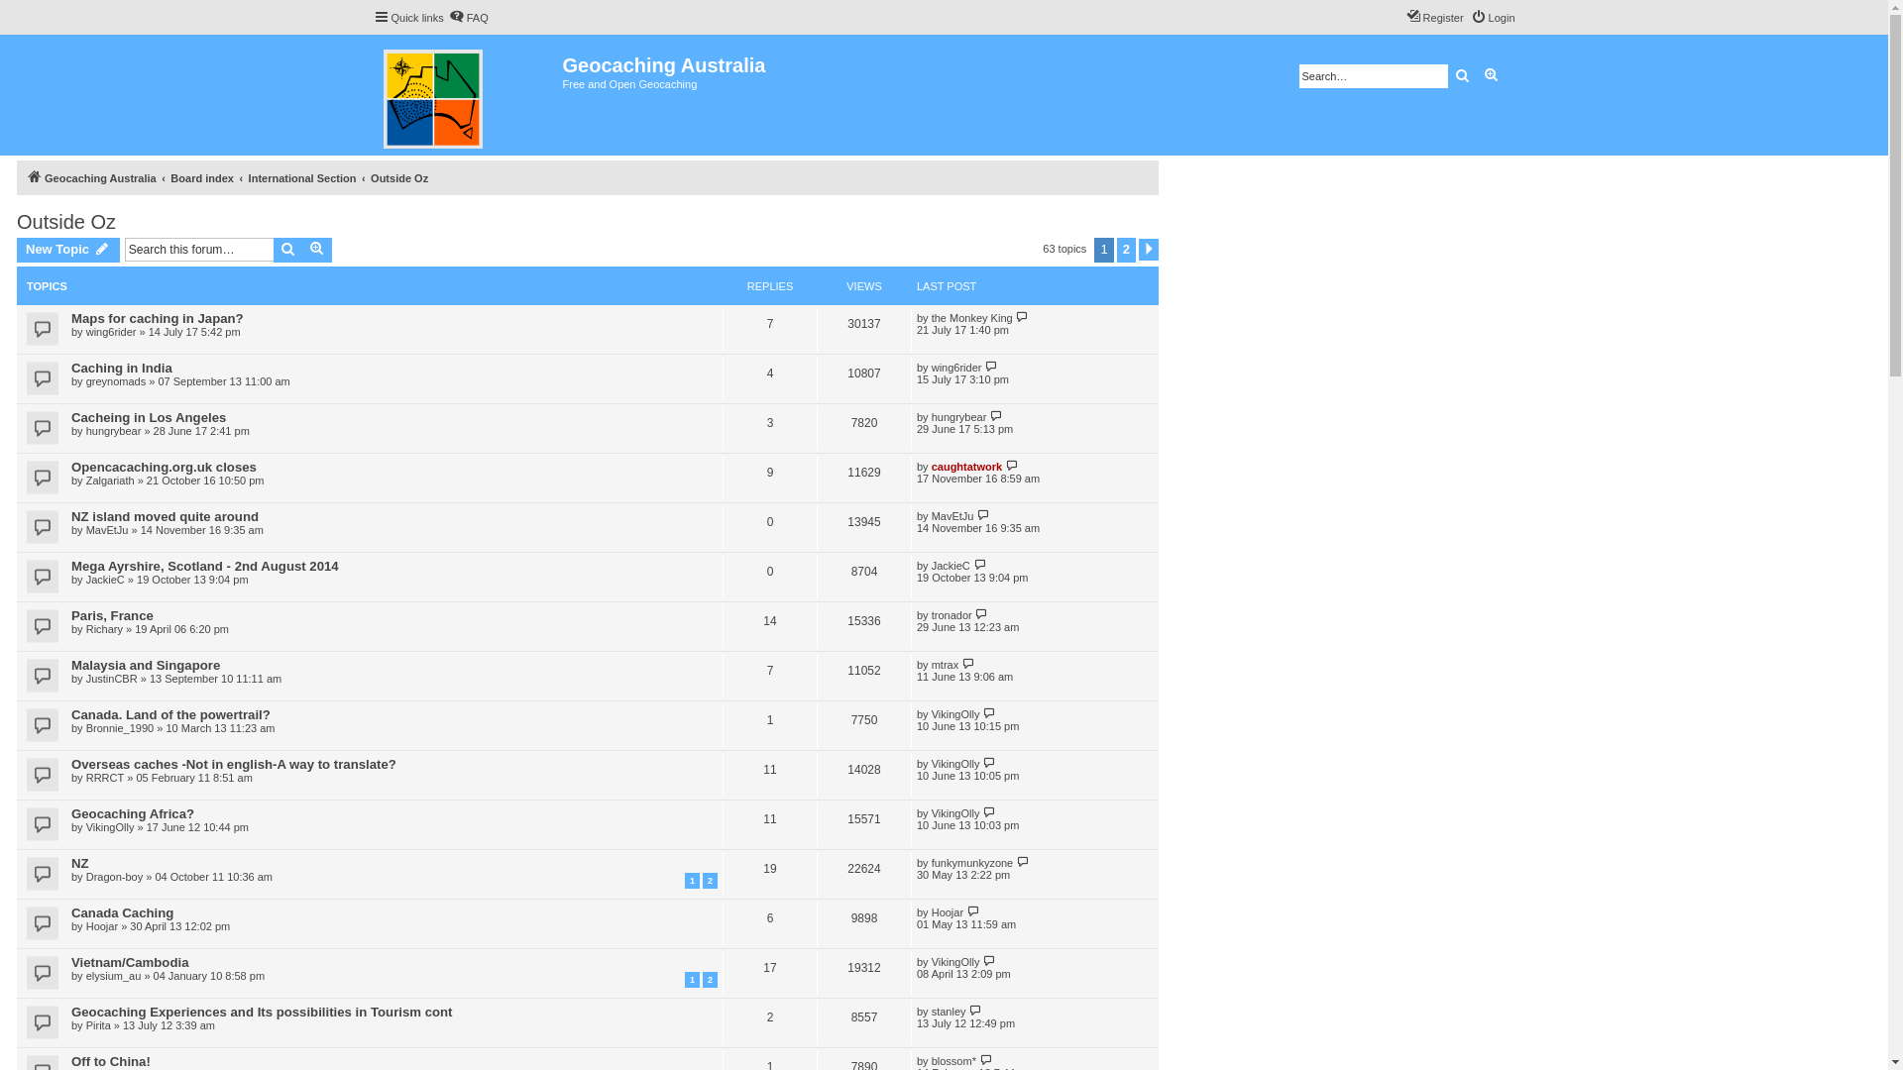 This screenshot has width=1903, height=1070. What do you see at coordinates (703, 879) in the screenshot?
I see `'2'` at bounding box center [703, 879].